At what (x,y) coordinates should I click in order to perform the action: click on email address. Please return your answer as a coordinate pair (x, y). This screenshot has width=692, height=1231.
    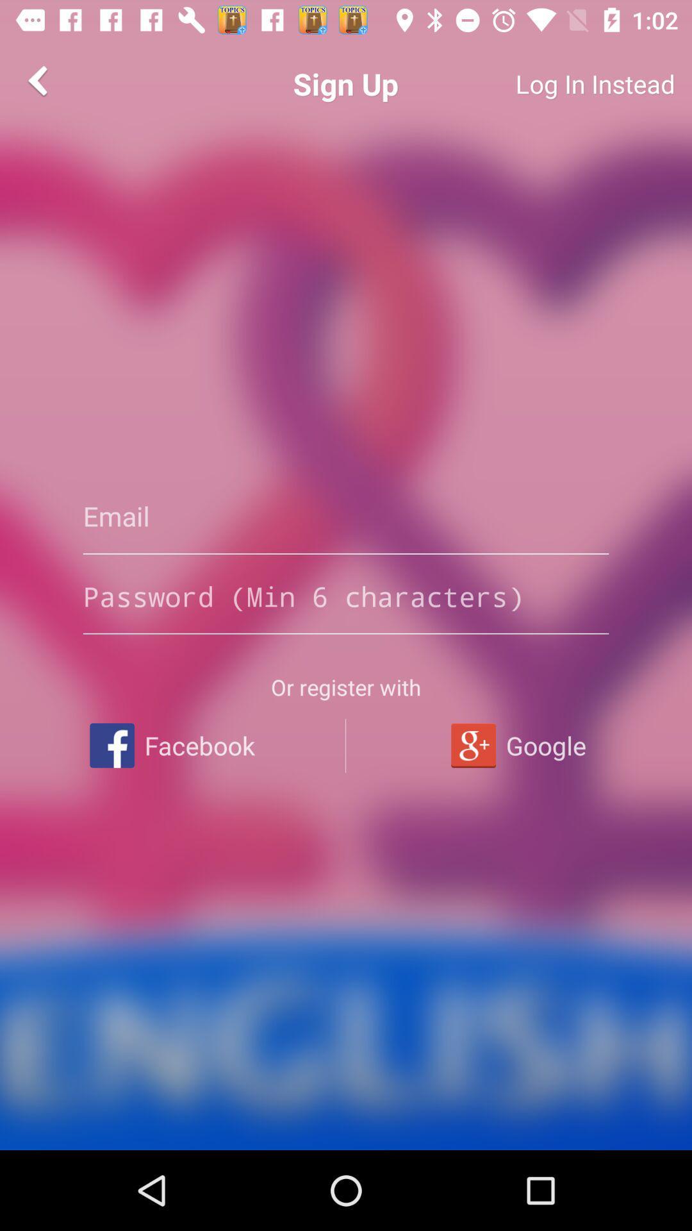
    Looking at the image, I should click on (346, 516).